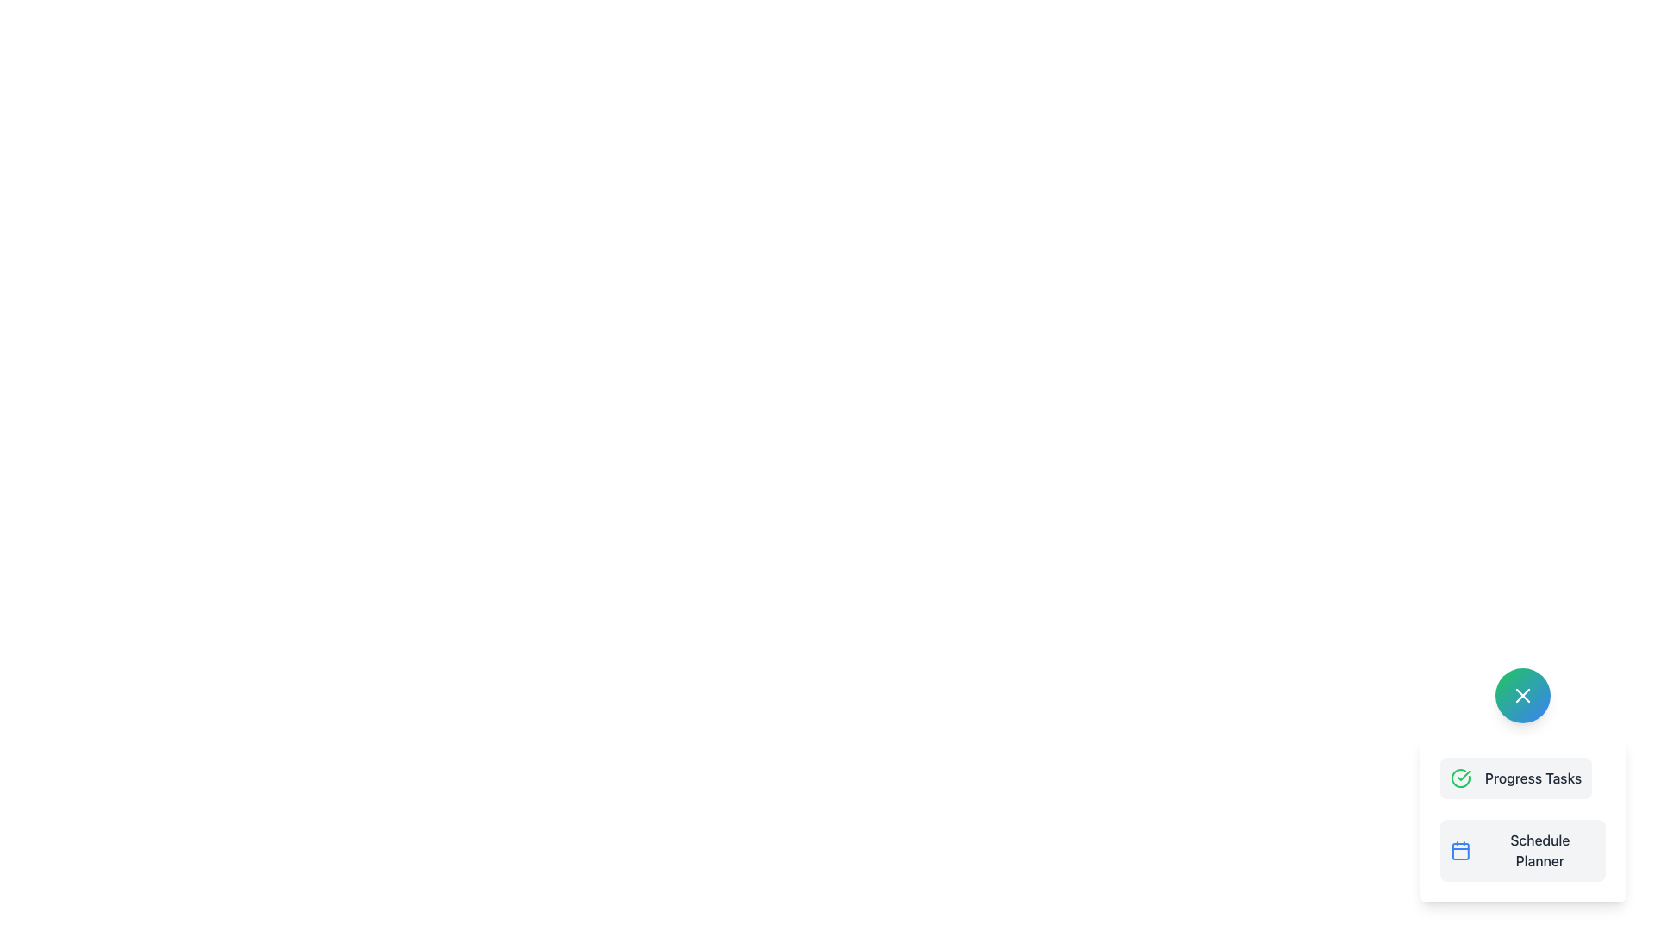 Image resolution: width=1654 pixels, height=930 pixels. Describe the element at coordinates (1459, 849) in the screenshot. I see `the blue-outlined calendar icon of the 'Schedule Planner' option located below the 'Progress Tasks' item in the vertical menu` at that location.